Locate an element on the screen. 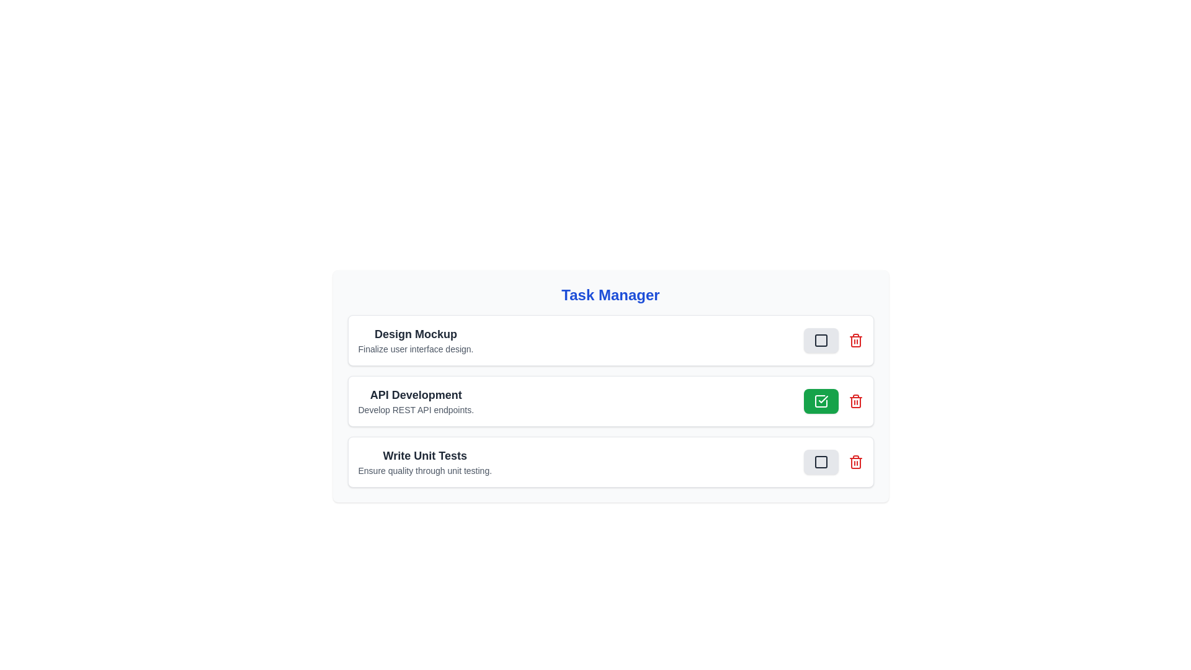  the text header displaying 'Task Manager', which is bold, large, and blue, located at the top of the interface is located at coordinates (610, 295).